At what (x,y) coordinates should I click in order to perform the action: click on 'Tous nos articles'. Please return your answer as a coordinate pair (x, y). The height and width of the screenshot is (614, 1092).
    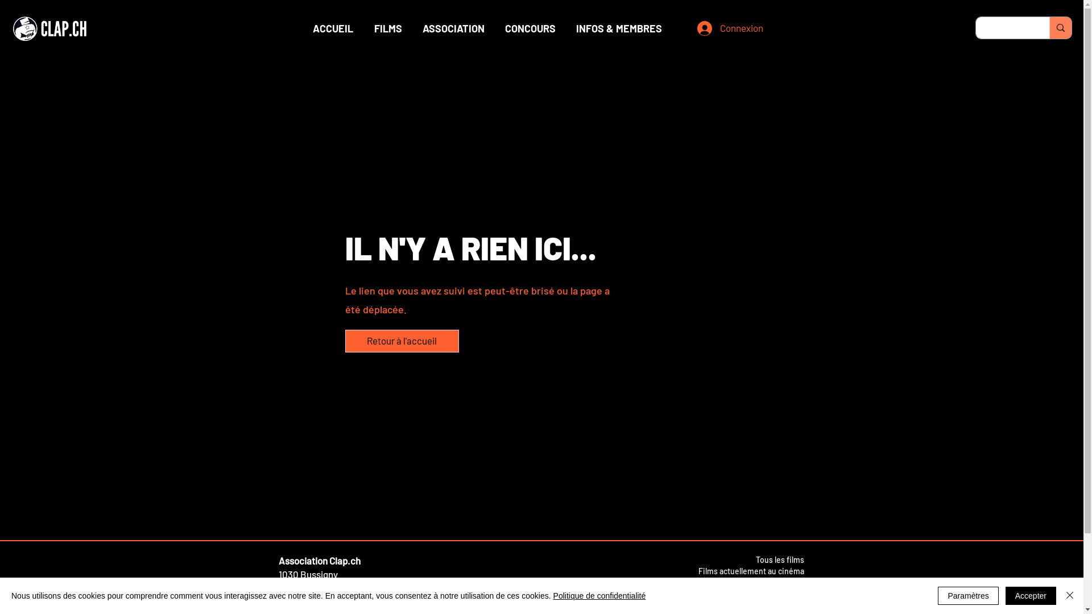
    Looking at the image, I should click on (773, 592).